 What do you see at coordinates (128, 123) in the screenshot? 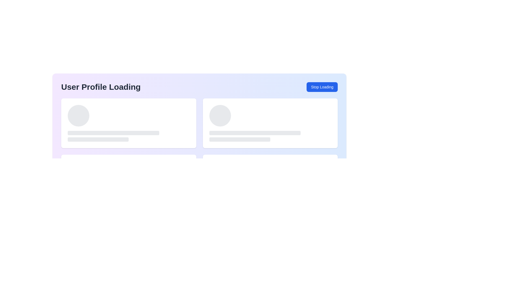
I see `the Loading card placeholder located in the top-left corner of the grid layout, which serves as a loading indicator for user profile information` at bounding box center [128, 123].